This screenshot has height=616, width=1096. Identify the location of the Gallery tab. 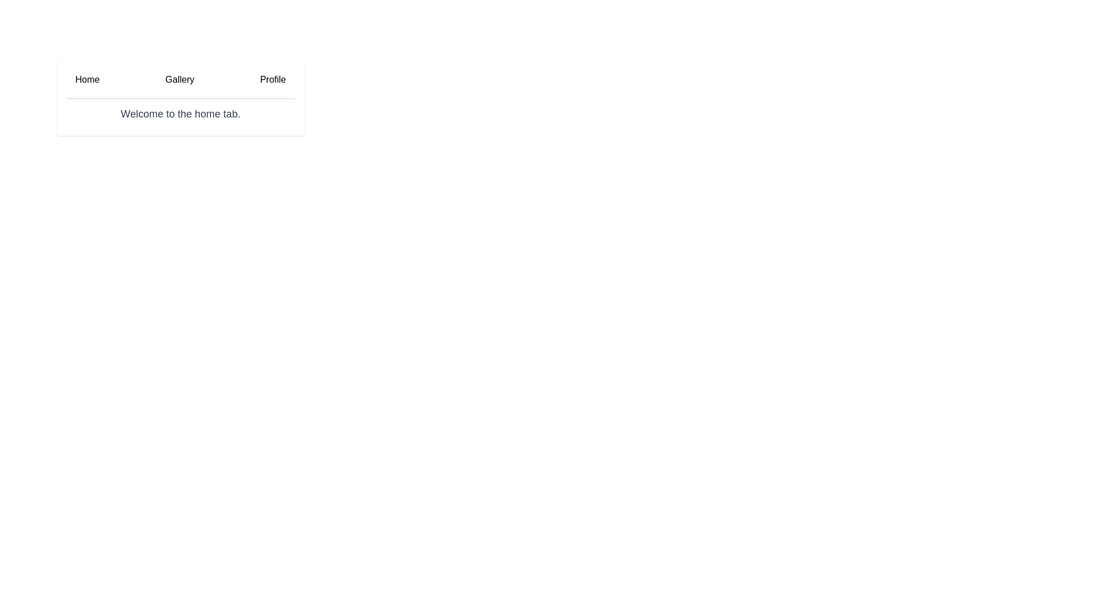
(179, 83).